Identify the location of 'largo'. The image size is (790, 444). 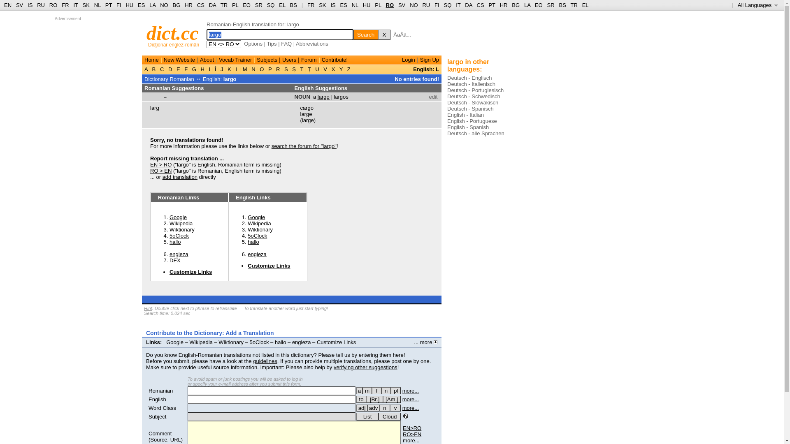
(230, 79).